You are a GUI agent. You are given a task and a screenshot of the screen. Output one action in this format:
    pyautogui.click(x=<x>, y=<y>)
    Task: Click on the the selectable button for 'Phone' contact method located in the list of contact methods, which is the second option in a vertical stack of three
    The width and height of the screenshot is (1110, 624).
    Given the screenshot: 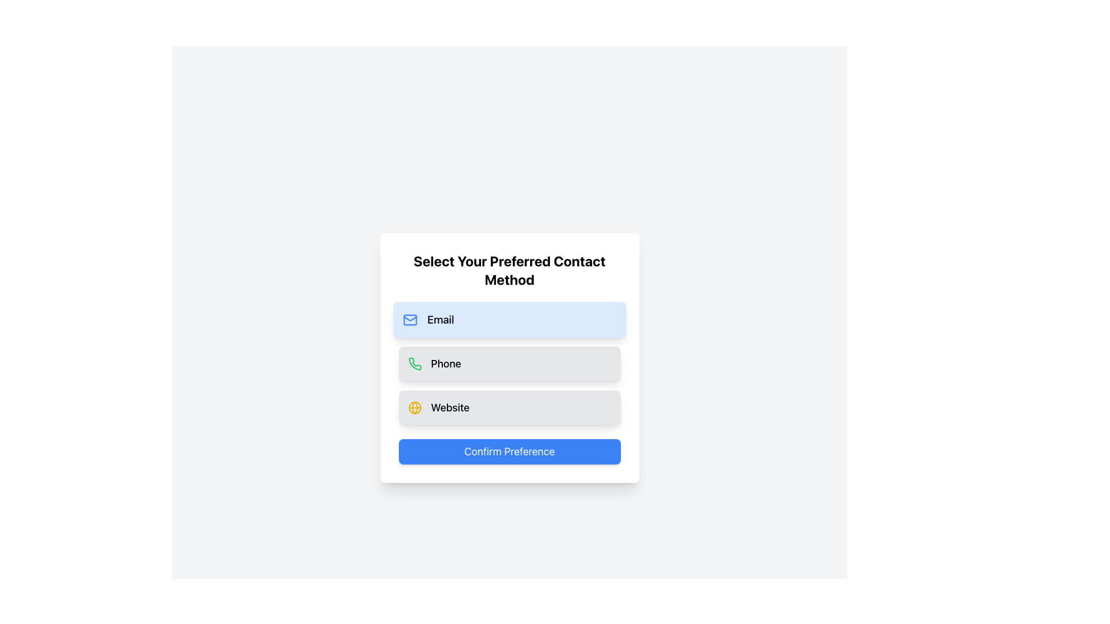 What is the action you would take?
    pyautogui.click(x=509, y=363)
    